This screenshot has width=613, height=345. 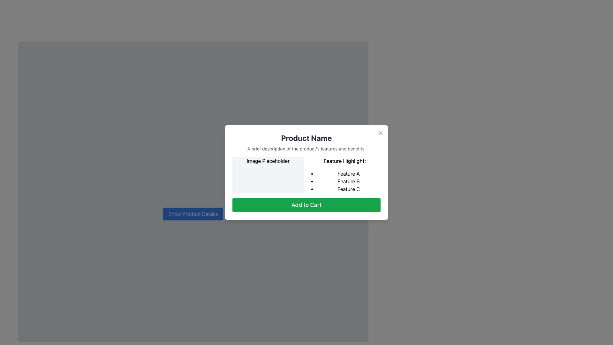 What do you see at coordinates (344, 161) in the screenshot?
I see `the text label reading 'Feature Highlight:'` at bounding box center [344, 161].